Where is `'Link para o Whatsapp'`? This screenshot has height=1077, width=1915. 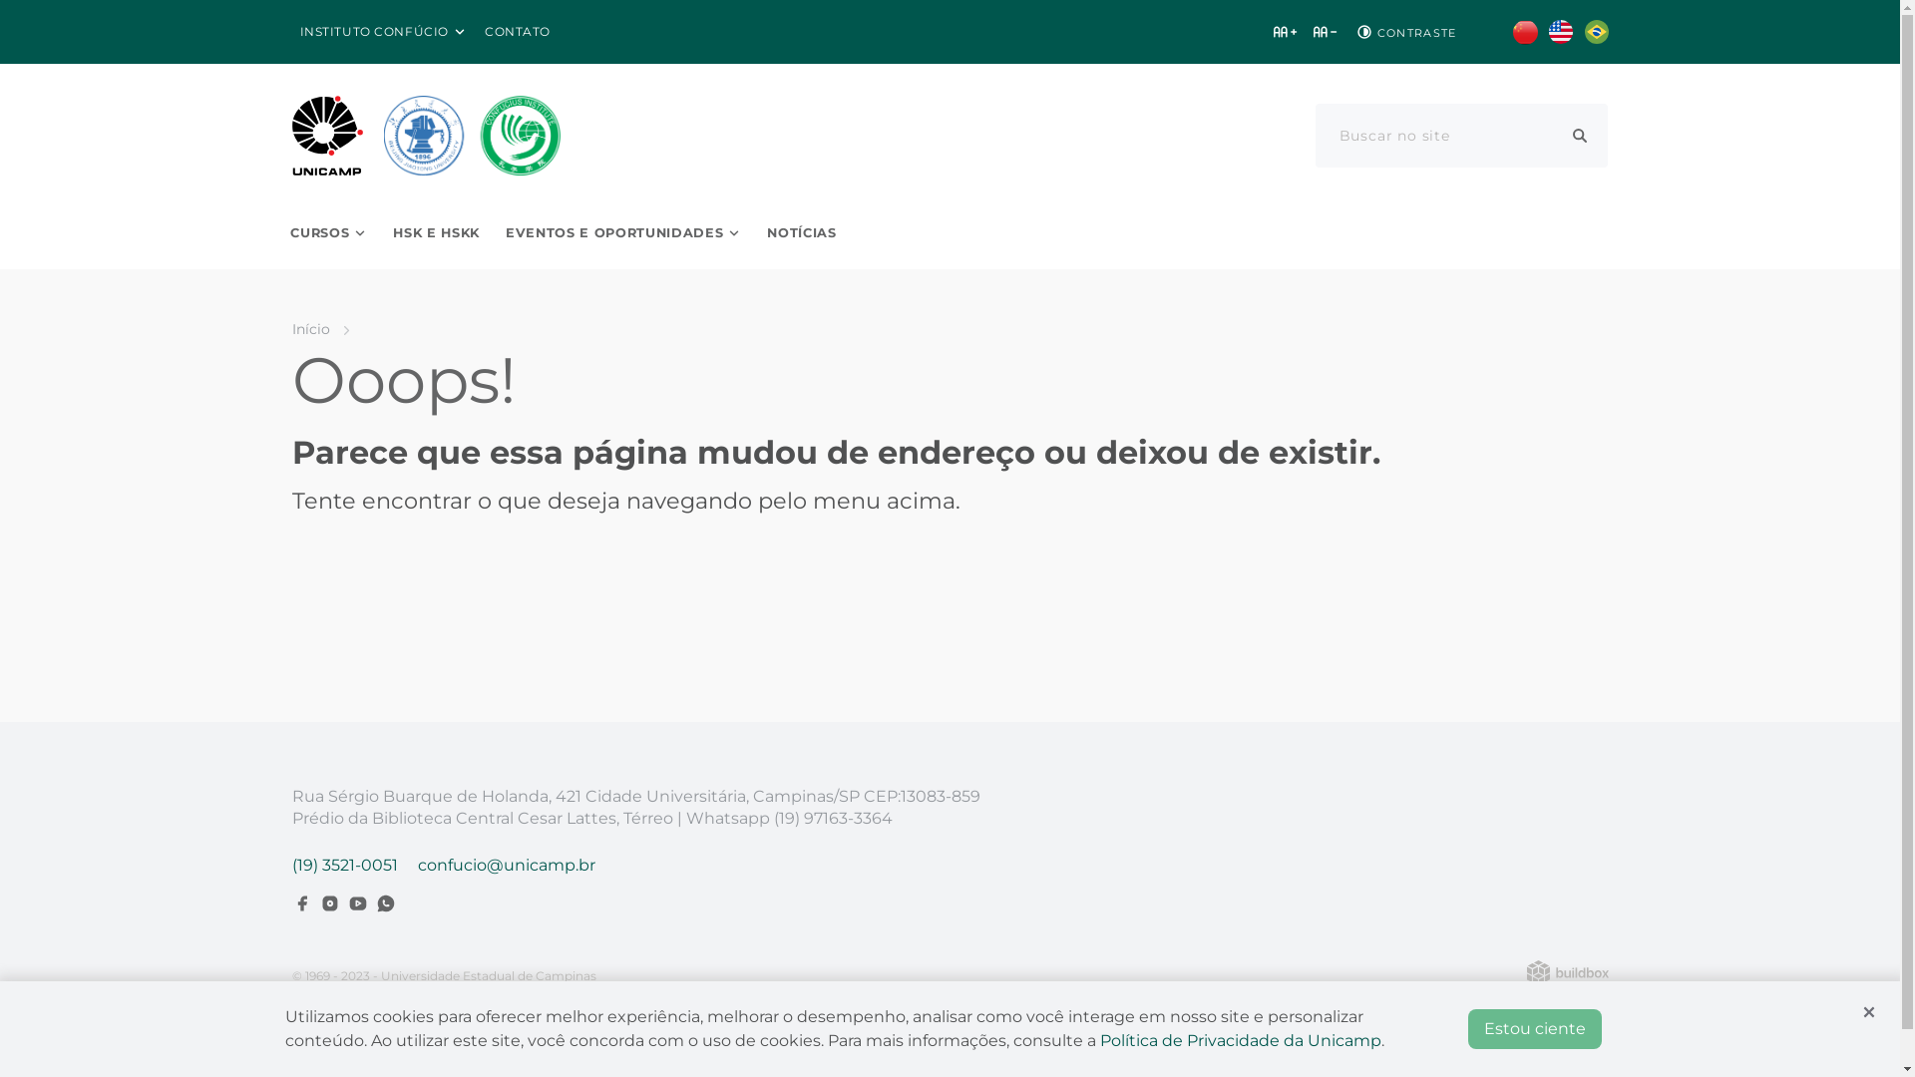 'Link para o Whatsapp' is located at coordinates (384, 903).